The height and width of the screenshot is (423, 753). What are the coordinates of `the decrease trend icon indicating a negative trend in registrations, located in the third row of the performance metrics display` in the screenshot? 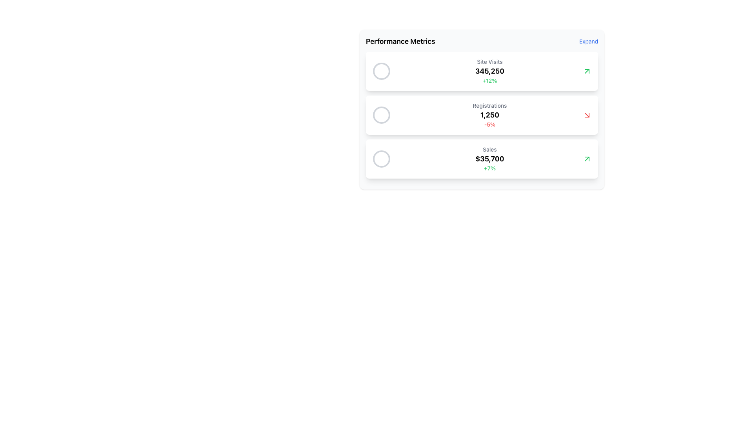 It's located at (587, 115).